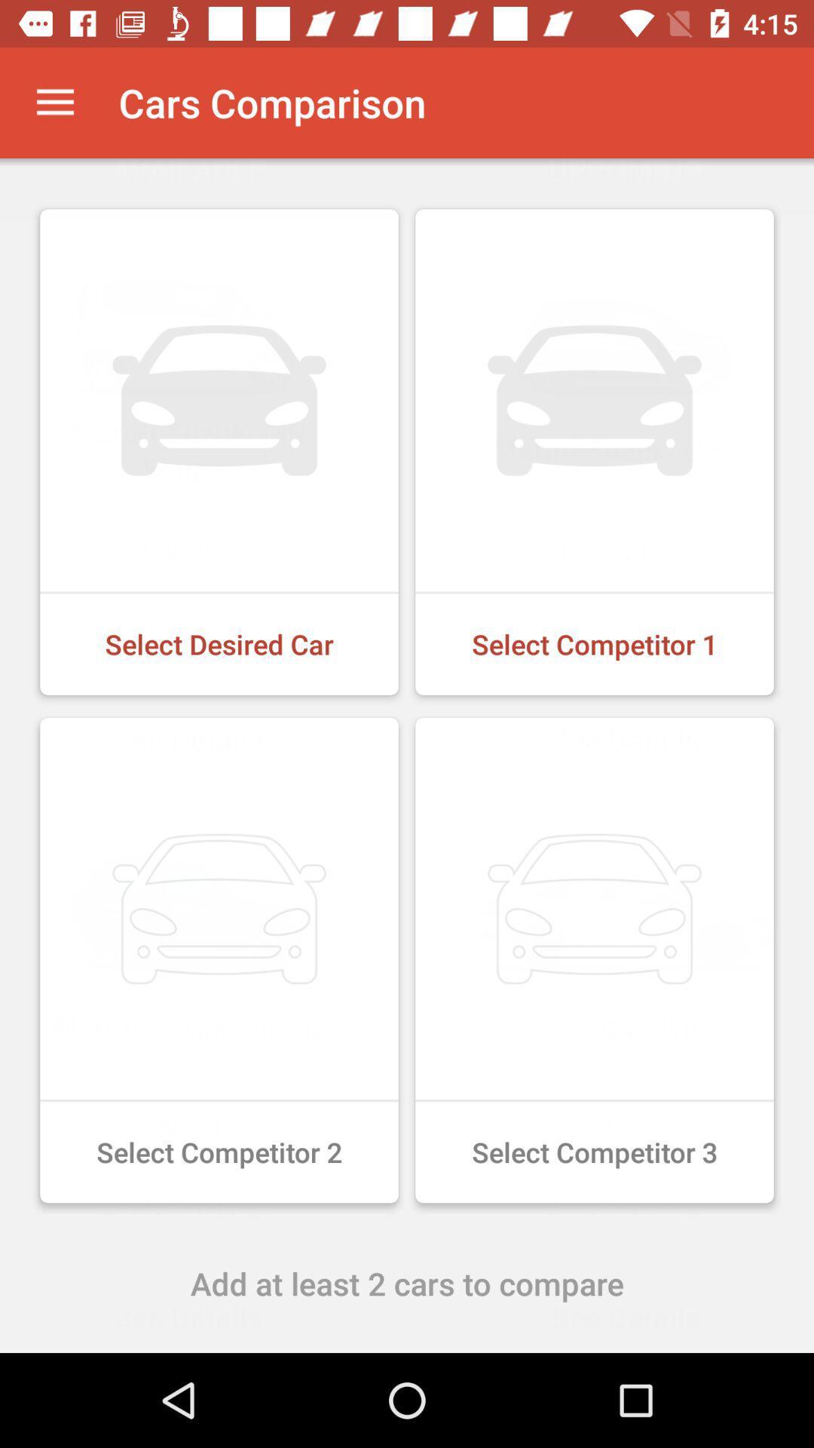 The height and width of the screenshot is (1448, 814). What do you see at coordinates (54, 102) in the screenshot?
I see `app next to the cars comparison` at bounding box center [54, 102].